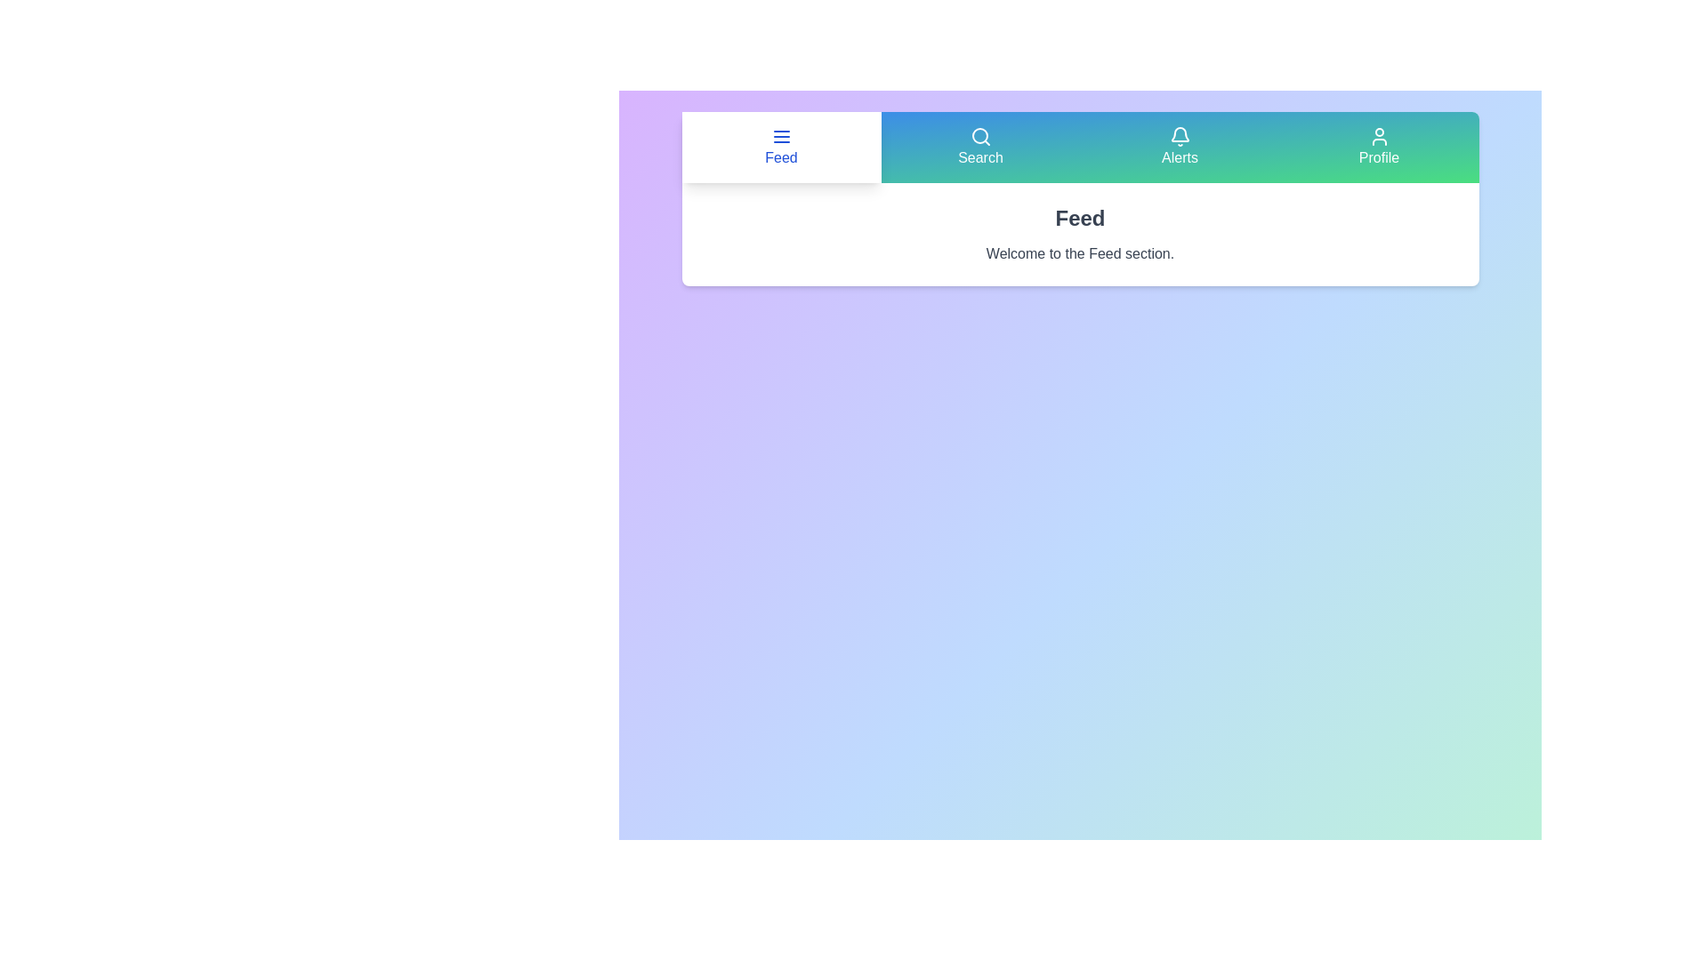 The width and height of the screenshot is (1708, 960). What do you see at coordinates (1180, 146) in the screenshot?
I see `the Alerts tab` at bounding box center [1180, 146].